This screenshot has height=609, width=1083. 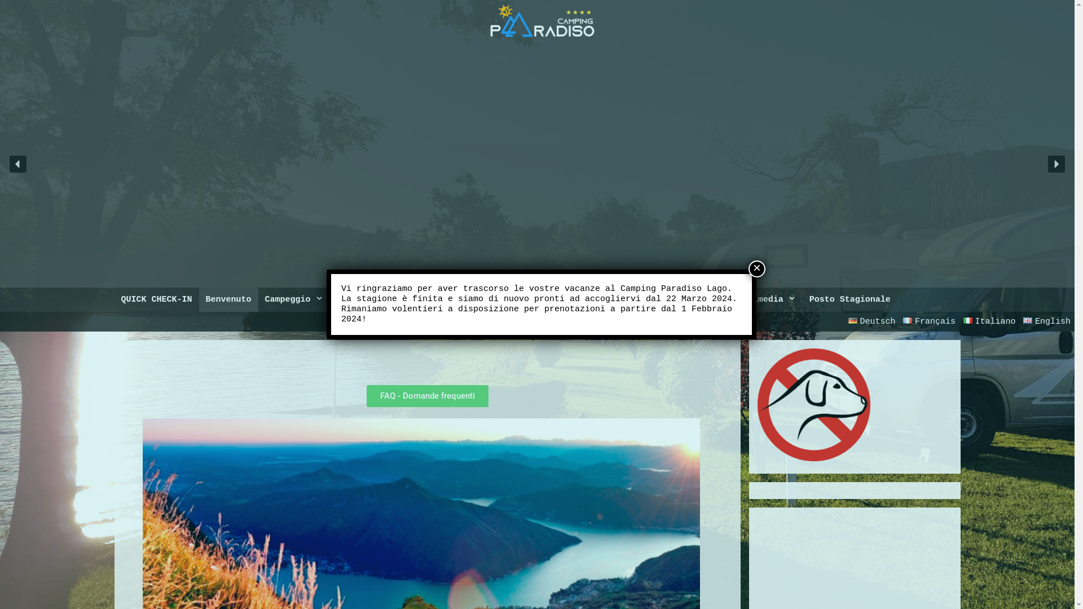 I want to click on 'English', so click(x=1046, y=321).